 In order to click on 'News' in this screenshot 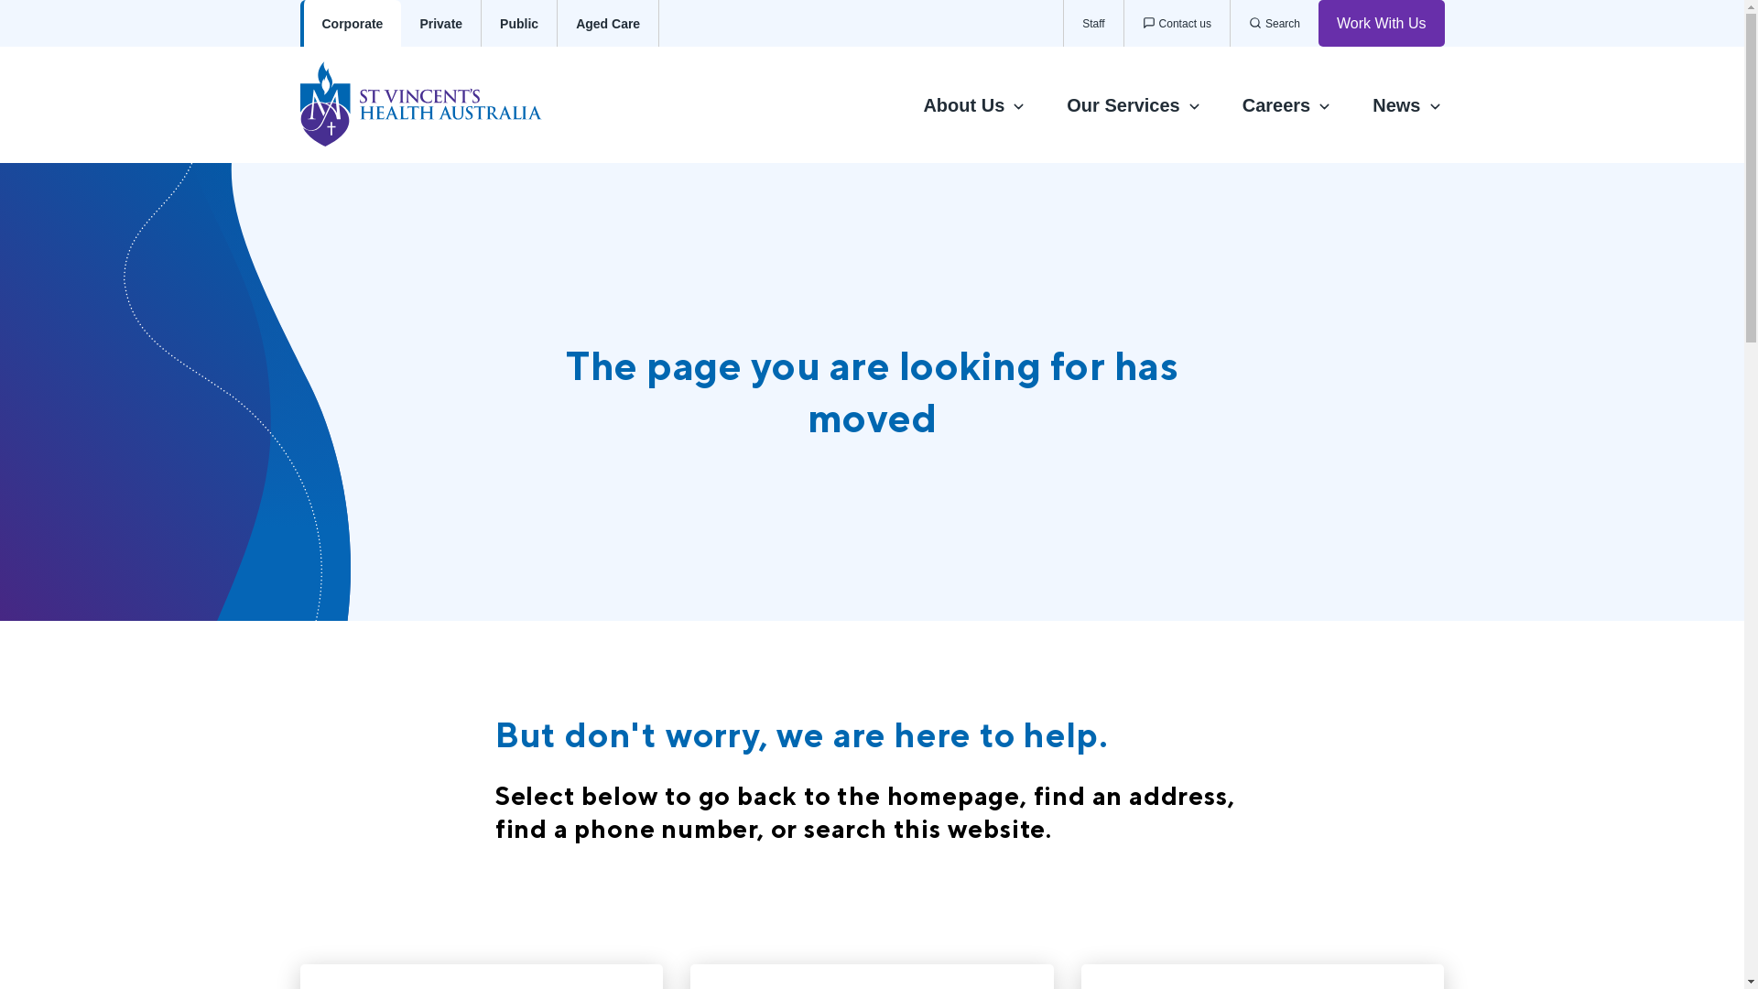, I will do `click(1405, 104)`.